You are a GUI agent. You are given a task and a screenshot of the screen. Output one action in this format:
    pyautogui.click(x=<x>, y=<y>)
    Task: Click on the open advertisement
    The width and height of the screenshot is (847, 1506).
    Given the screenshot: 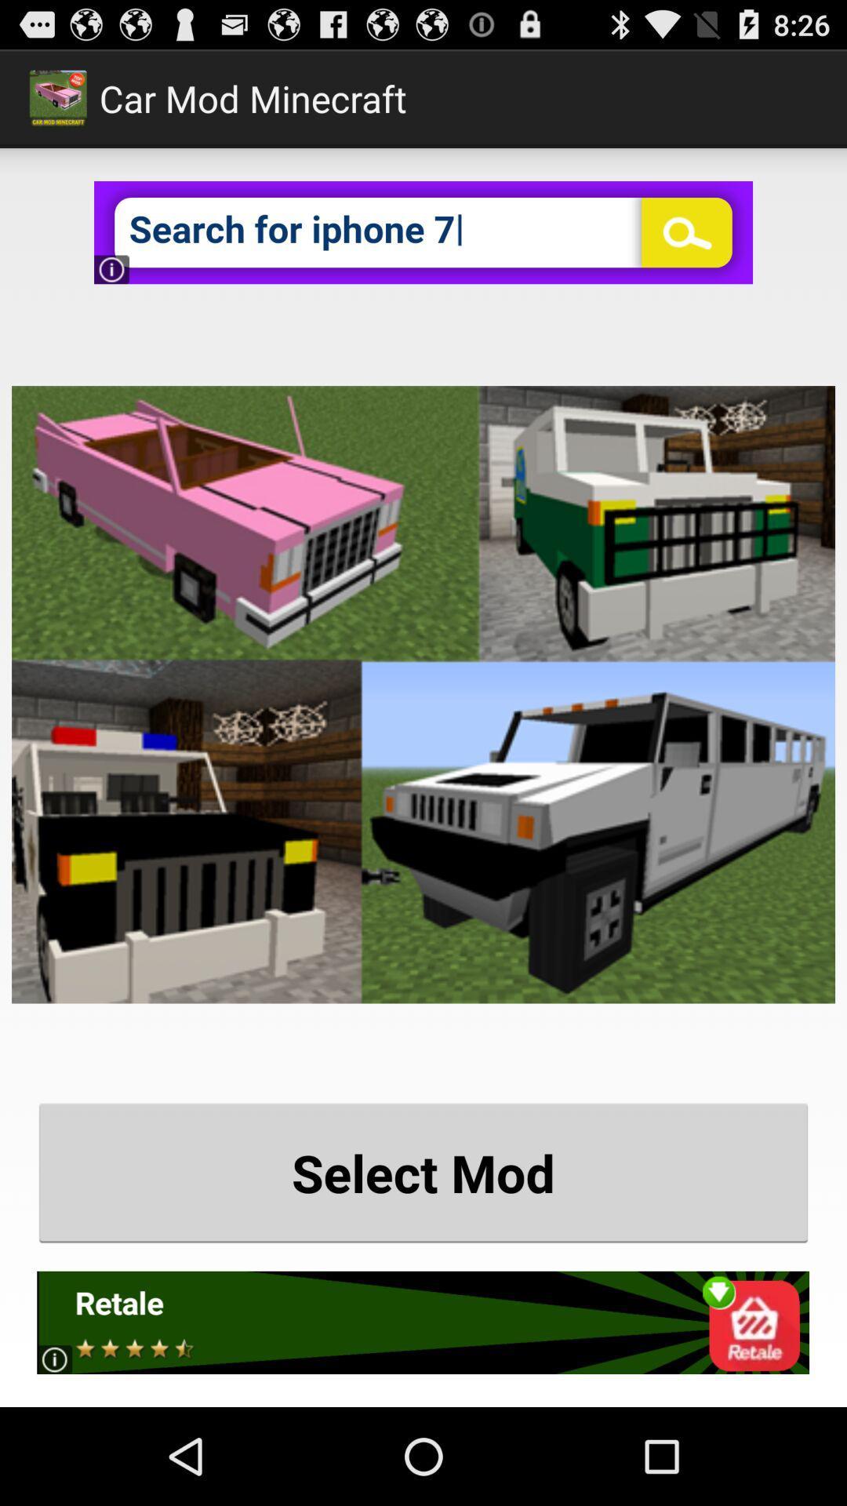 What is the action you would take?
    pyautogui.click(x=422, y=1322)
    